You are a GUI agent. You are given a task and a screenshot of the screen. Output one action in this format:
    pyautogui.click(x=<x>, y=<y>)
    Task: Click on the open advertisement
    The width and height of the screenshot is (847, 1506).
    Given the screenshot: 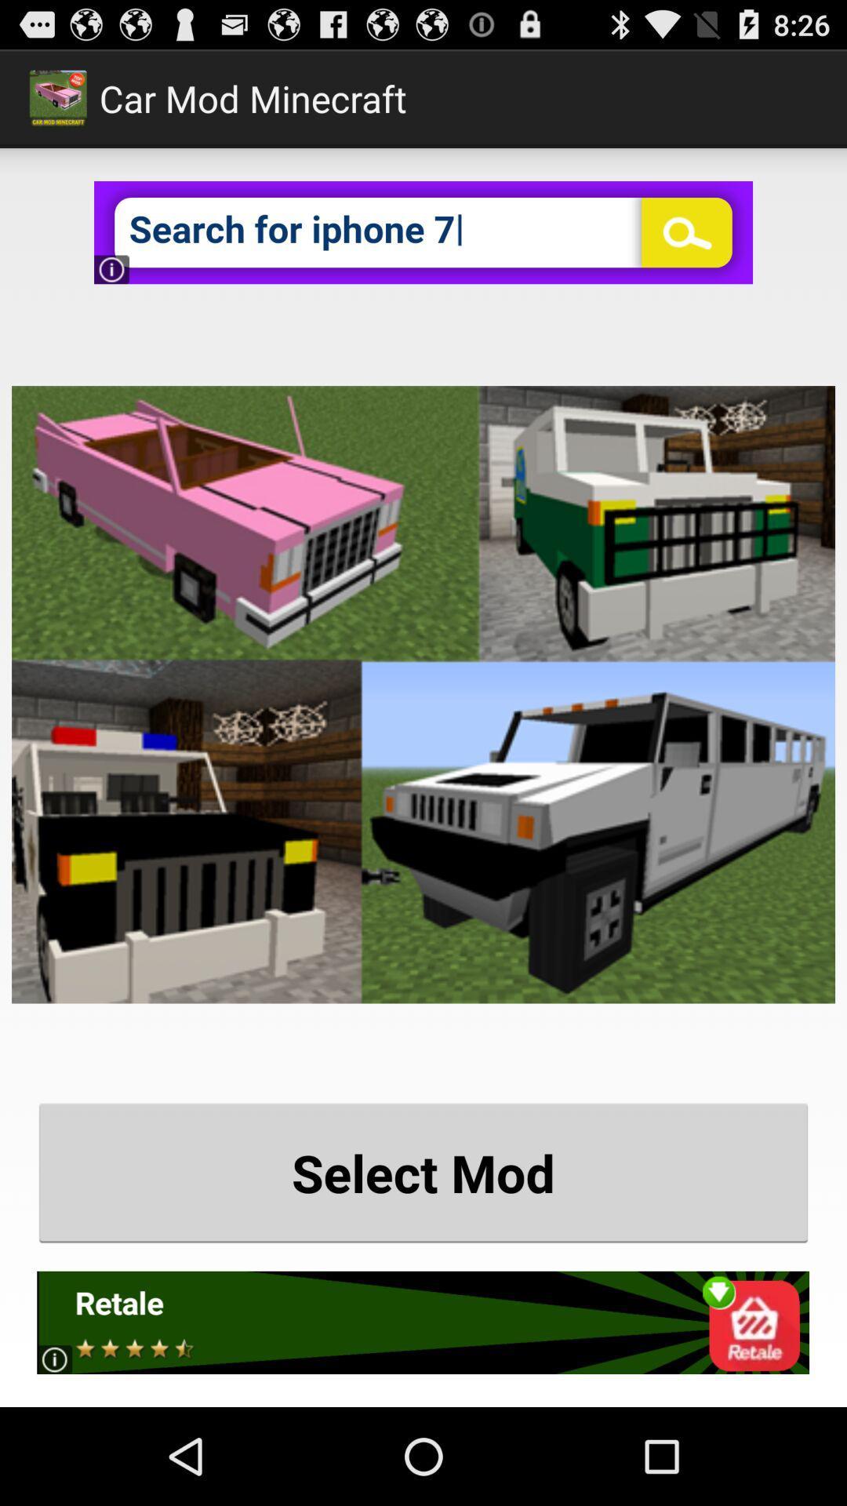 What is the action you would take?
    pyautogui.click(x=422, y=1322)
    